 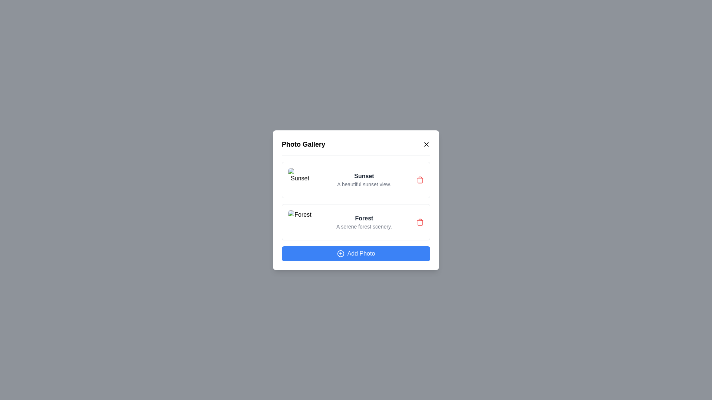 I want to click on the title text label in the second row of the 'Photo Gallery' that describes the photo entry, which is positioned above the descriptive text 'A serene forest scenery.', so click(x=364, y=218).